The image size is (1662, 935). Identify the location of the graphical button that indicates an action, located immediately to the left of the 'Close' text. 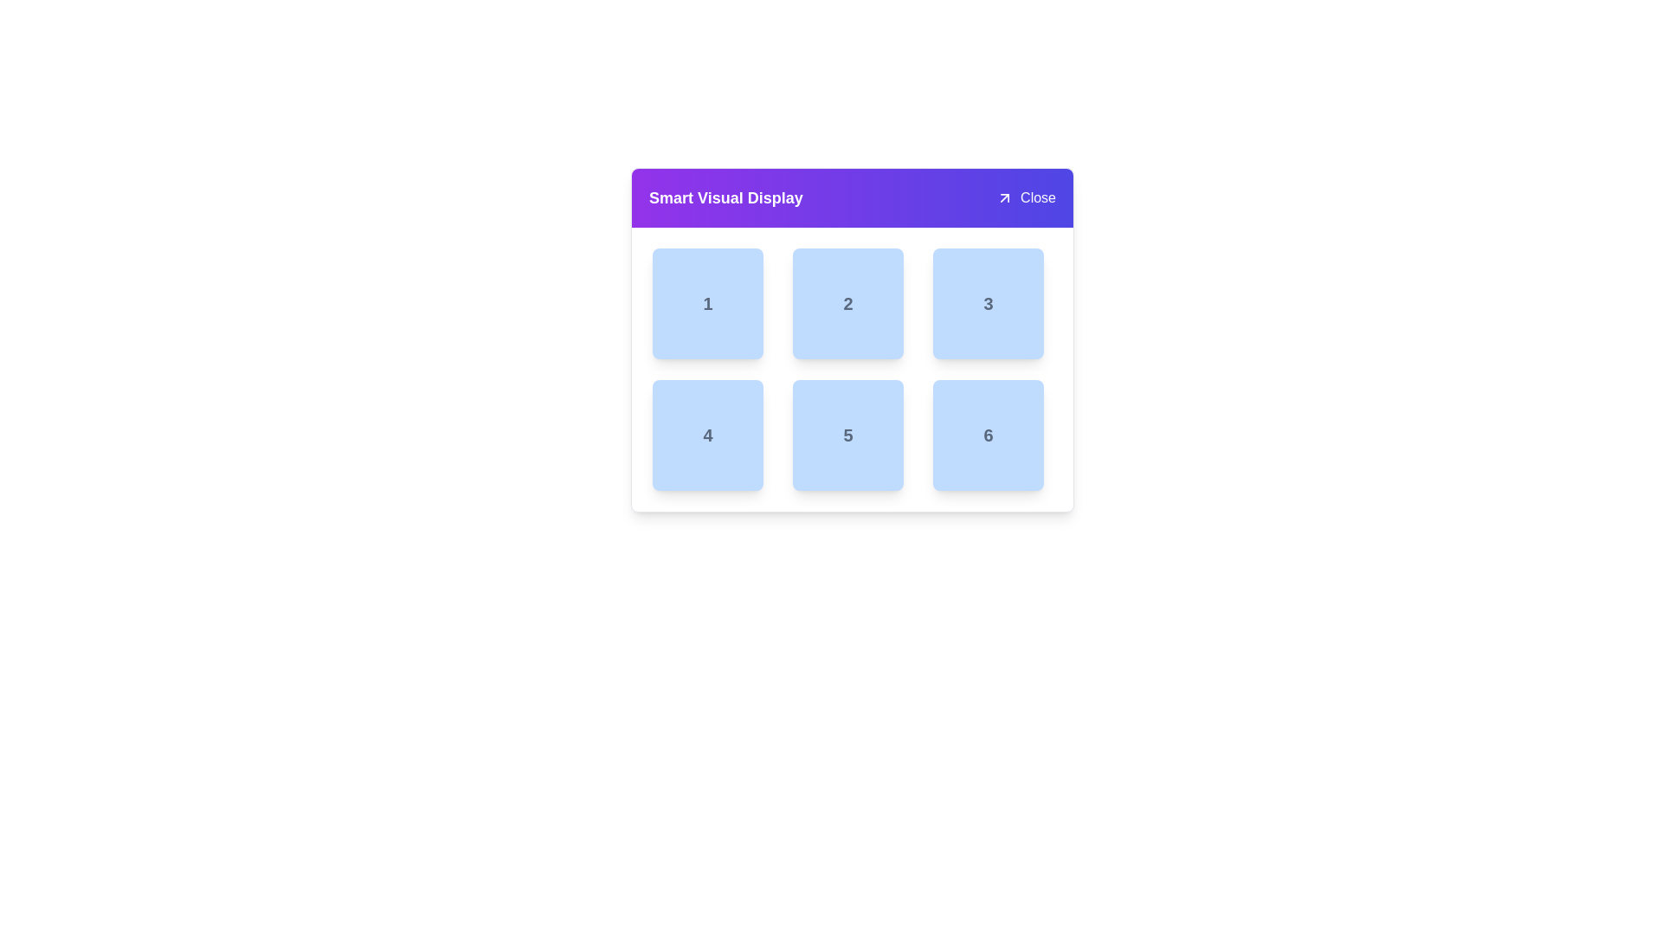
(1005, 197).